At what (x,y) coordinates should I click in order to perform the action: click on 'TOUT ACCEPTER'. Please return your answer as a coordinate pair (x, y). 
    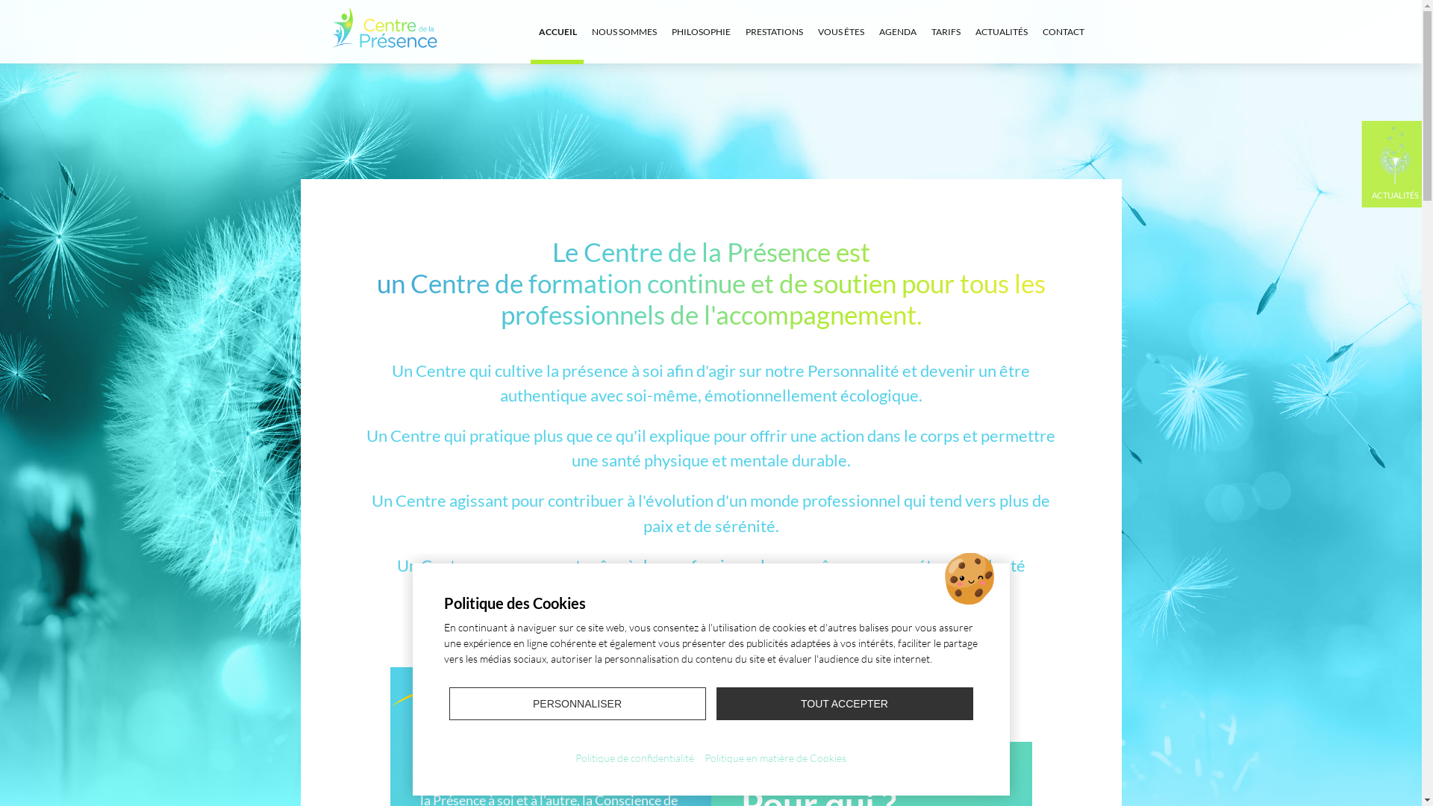
    Looking at the image, I should click on (845, 703).